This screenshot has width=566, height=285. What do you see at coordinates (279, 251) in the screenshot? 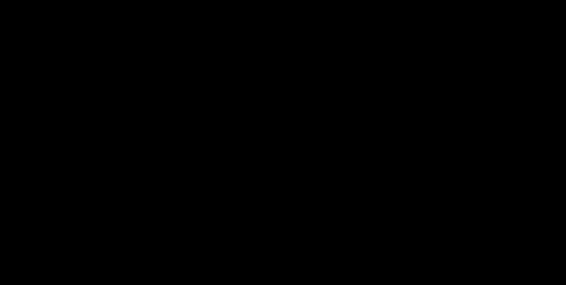
I see `'First up in our pairings list we have the delicious and savory S’mores! This scrumptious cookie has best been described as “s’mores made over an open fire, just without any of the mess!” If that doesn’t speak the truth, then I don’t know what does! We’d suggest pairing this up with Frambroise Lambic. Frambroise Lambic is fermented with raspberries which offers this pairing a nice fruity contrast to the cookies' marshmallow cream icing and milk chocolate coating.'` at bounding box center [279, 251].